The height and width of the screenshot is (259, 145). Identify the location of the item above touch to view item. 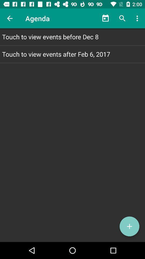
(10, 18).